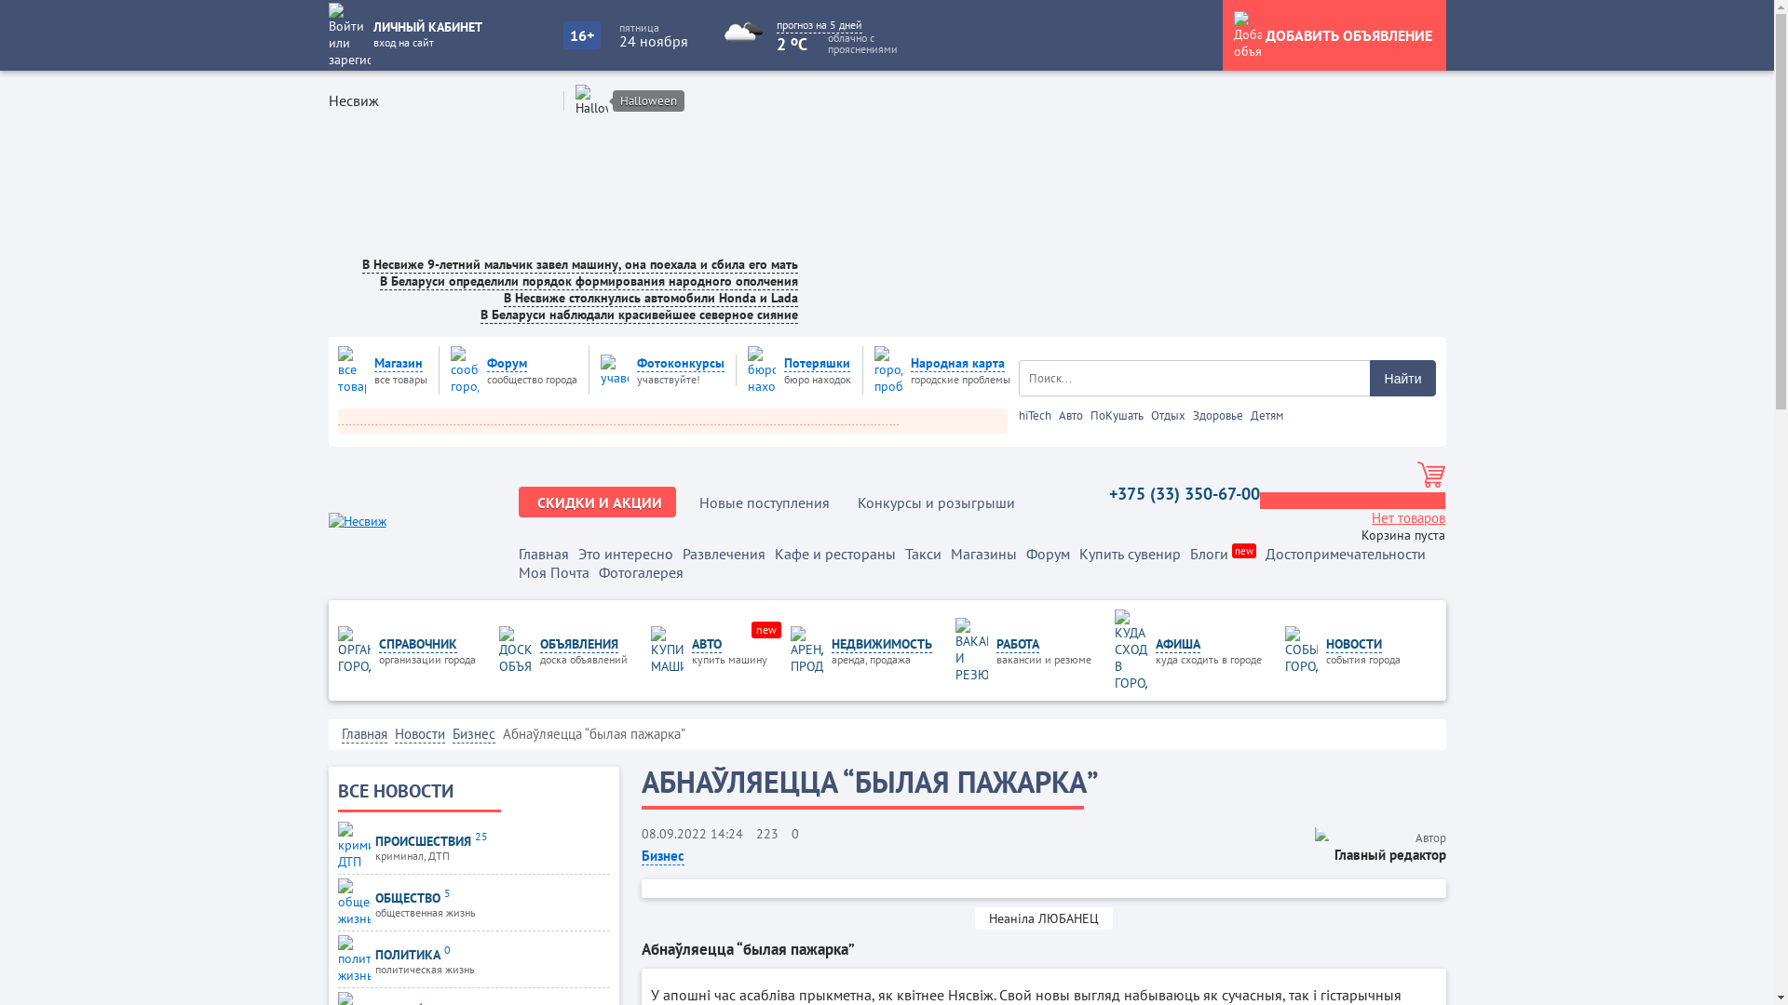  Describe the element at coordinates (1018, 414) in the screenshot. I see `'hiTech'` at that location.